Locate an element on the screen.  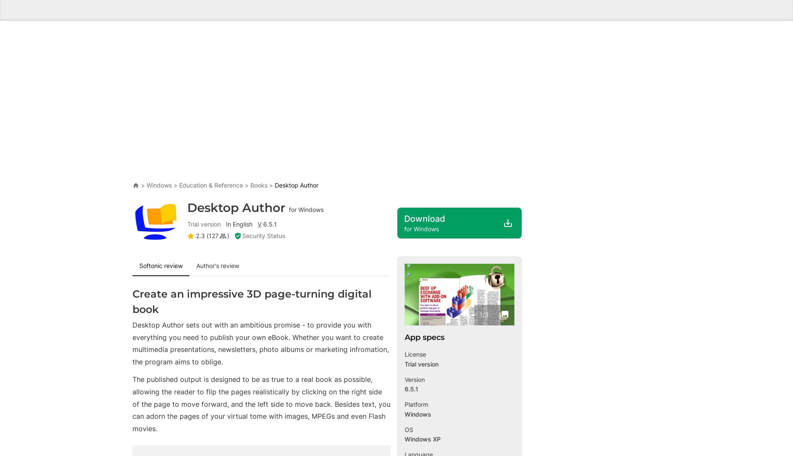
'Breaking News' is located at coordinates (162, 361).